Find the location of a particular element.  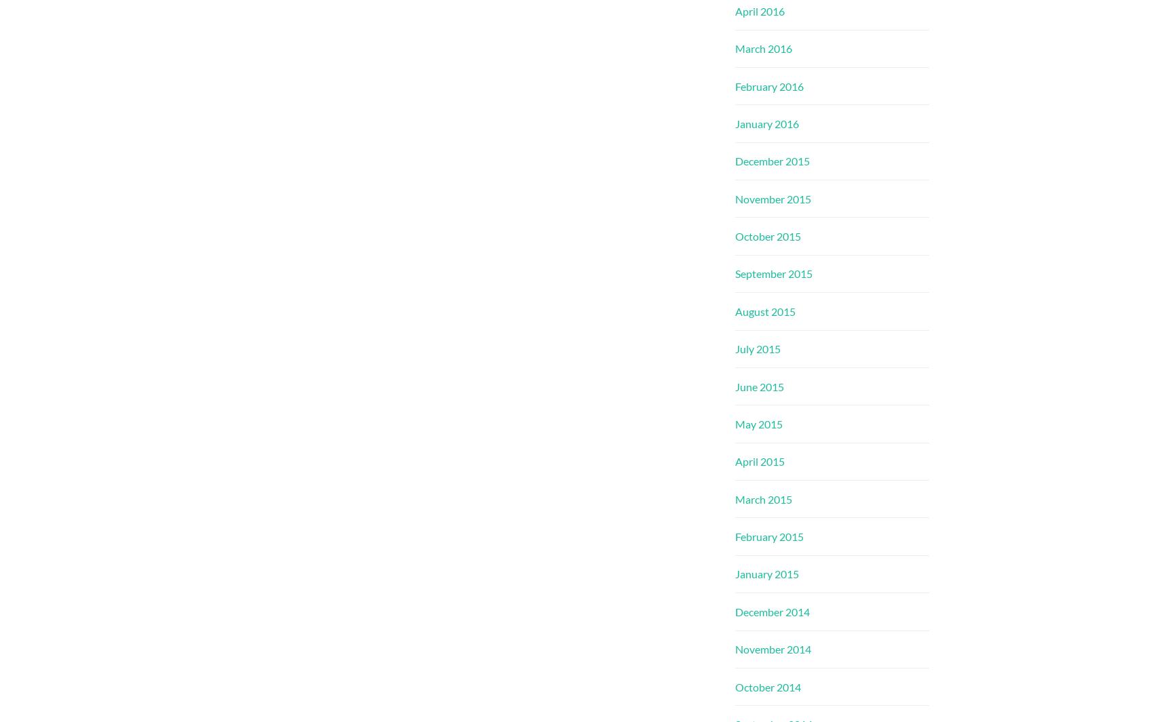

'January 2015' is located at coordinates (767, 574).